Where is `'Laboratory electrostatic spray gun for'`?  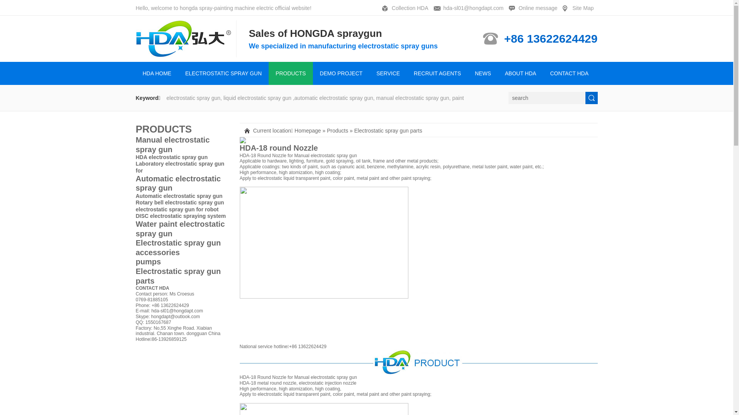 'Laboratory electrostatic spray gun for' is located at coordinates (179, 166).